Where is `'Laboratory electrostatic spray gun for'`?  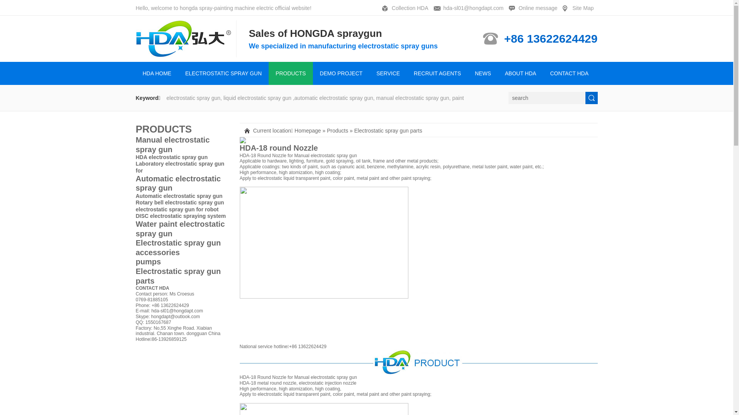 'Laboratory electrostatic spray gun for' is located at coordinates (179, 166).